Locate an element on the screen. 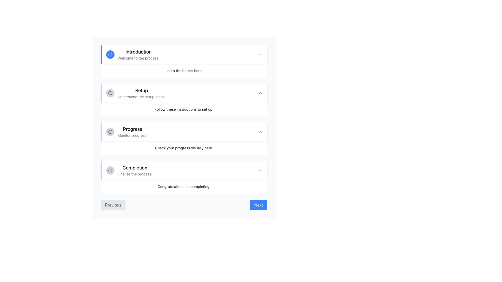  the step item in the stepper layout that contains the title 'Progress' and the description 'Monitor progress.' is located at coordinates (127, 132).